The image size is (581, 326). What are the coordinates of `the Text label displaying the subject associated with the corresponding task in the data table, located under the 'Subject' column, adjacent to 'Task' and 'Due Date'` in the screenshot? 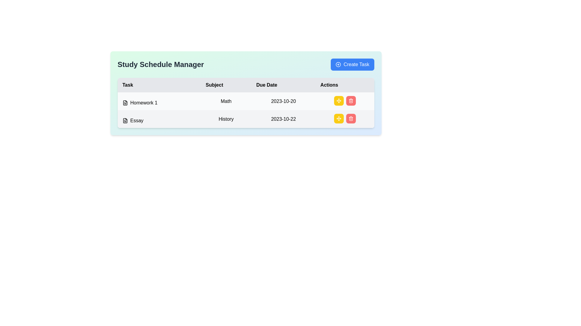 It's located at (226, 101).